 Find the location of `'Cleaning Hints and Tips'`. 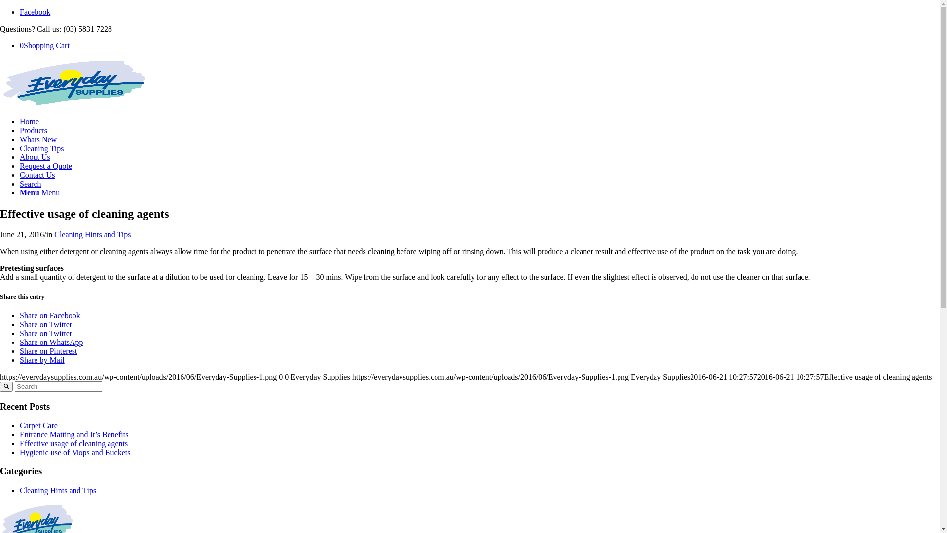

'Cleaning Hints and Tips' is located at coordinates (92, 234).